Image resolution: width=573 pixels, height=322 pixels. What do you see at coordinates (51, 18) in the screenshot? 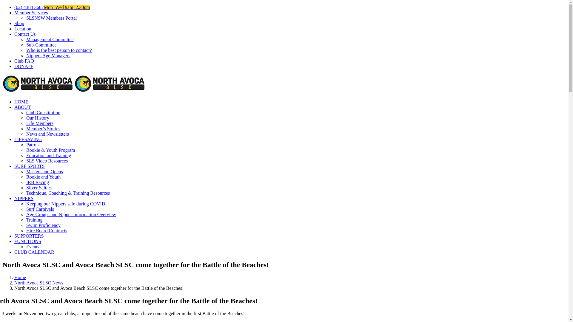
I see `'SLSNSW Members Portal'` at bounding box center [51, 18].